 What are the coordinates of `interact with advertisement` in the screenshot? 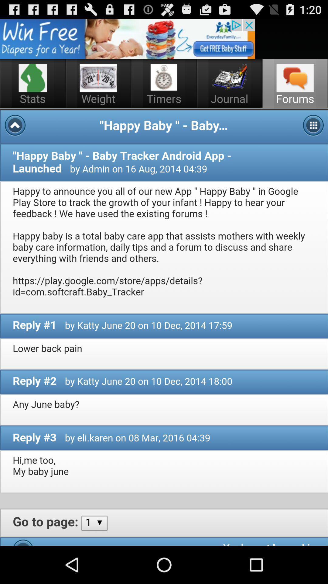 It's located at (127, 39).